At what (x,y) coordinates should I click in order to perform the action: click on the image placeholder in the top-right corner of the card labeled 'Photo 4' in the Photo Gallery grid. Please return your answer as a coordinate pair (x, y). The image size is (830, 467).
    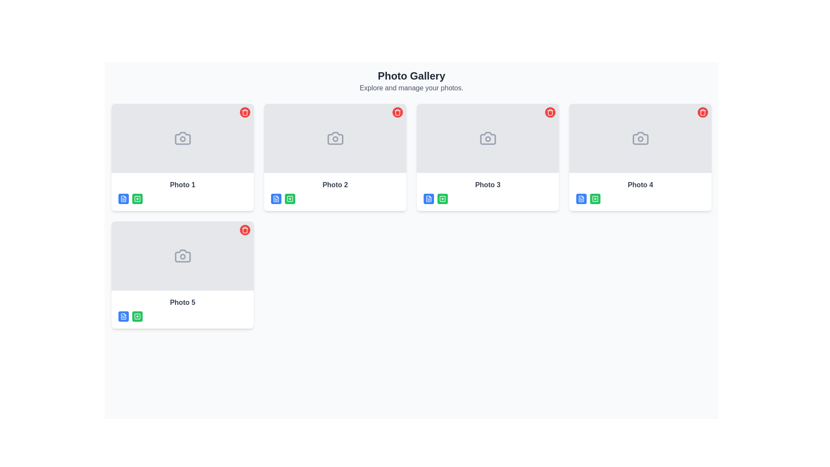
    Looking at the image, I should click on (640, 138).